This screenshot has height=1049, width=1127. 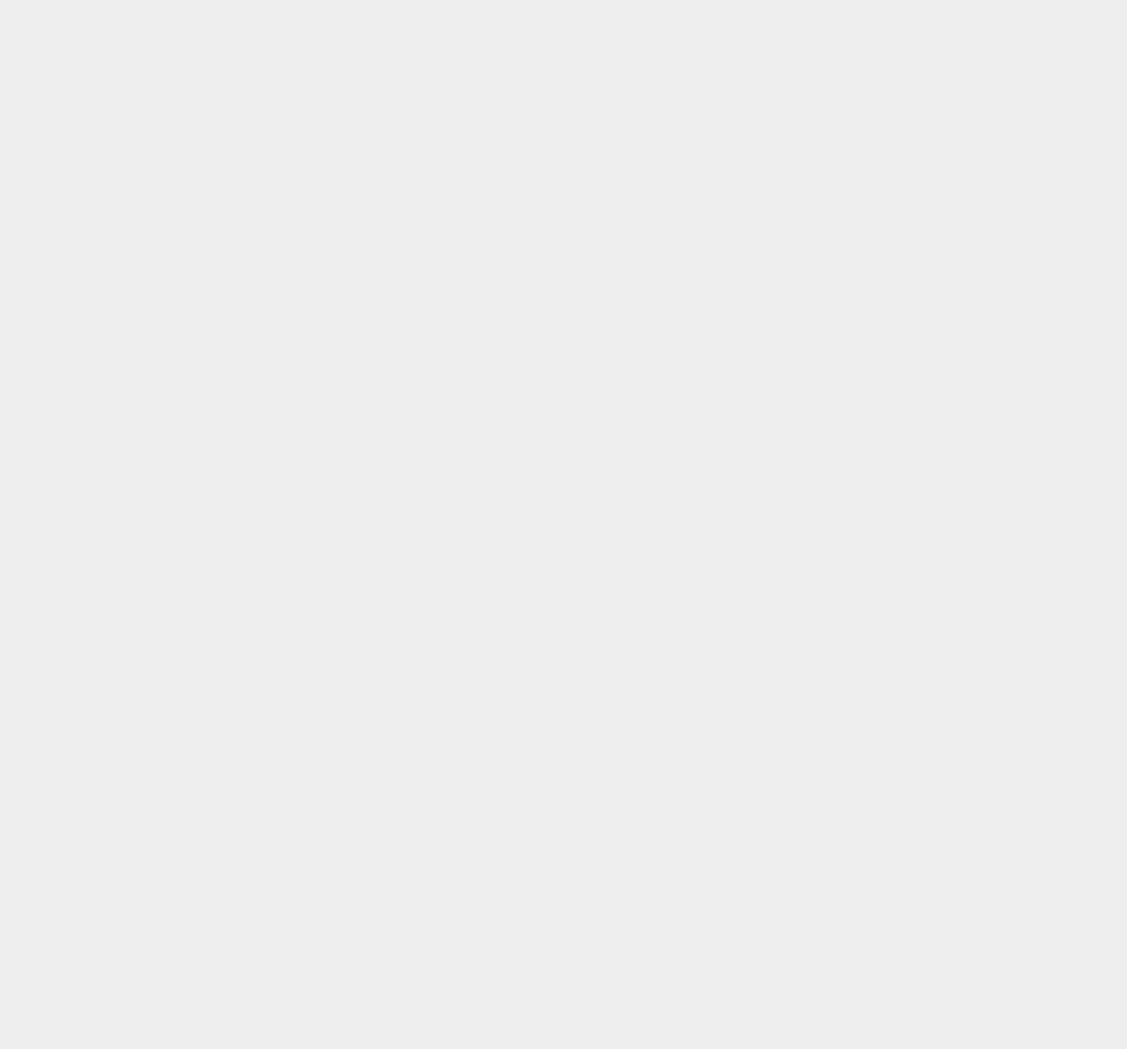 I want to click on 'iShower Speaker', so click(x=847, y=729).